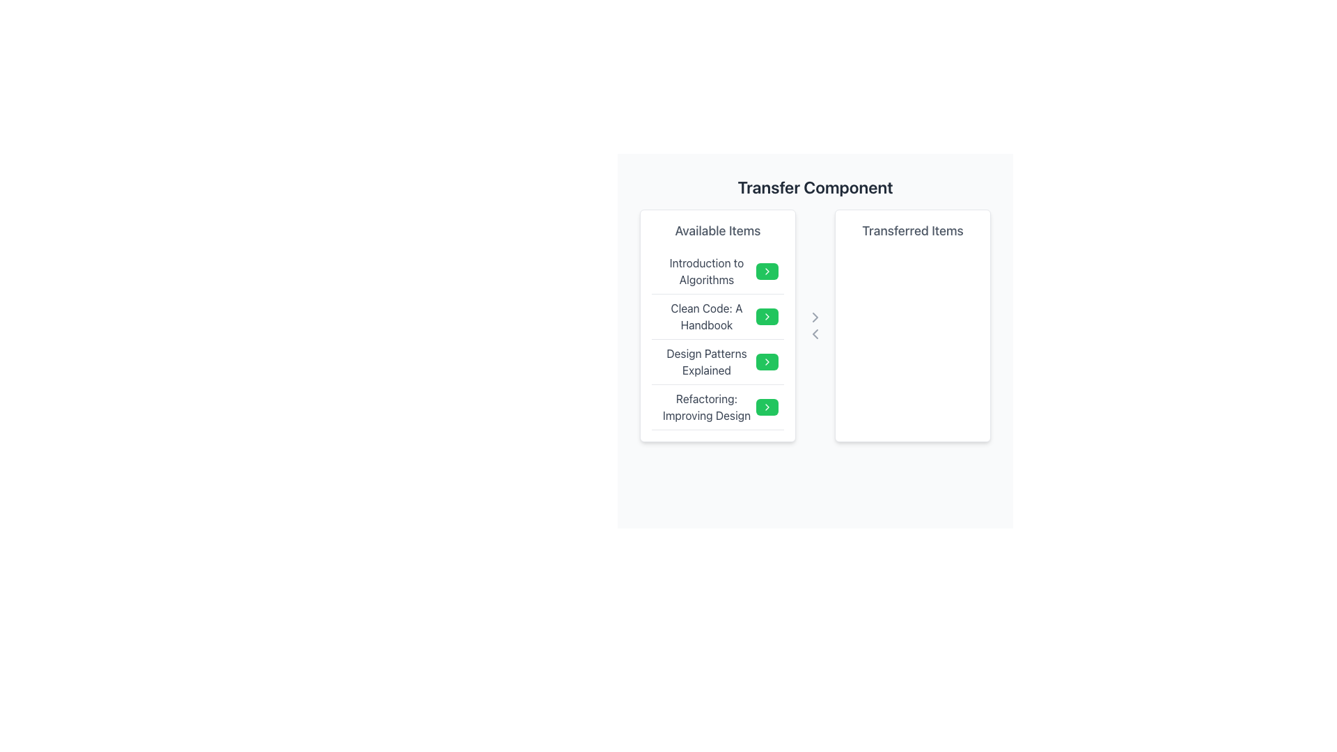 This screenshot has height=752, width=1337. Describe the element at coordinates (718, 317) in the screenshot. I see `the second list item titled 'Clean Code: A Handbook' in the 'Available Items' panel` at that location.